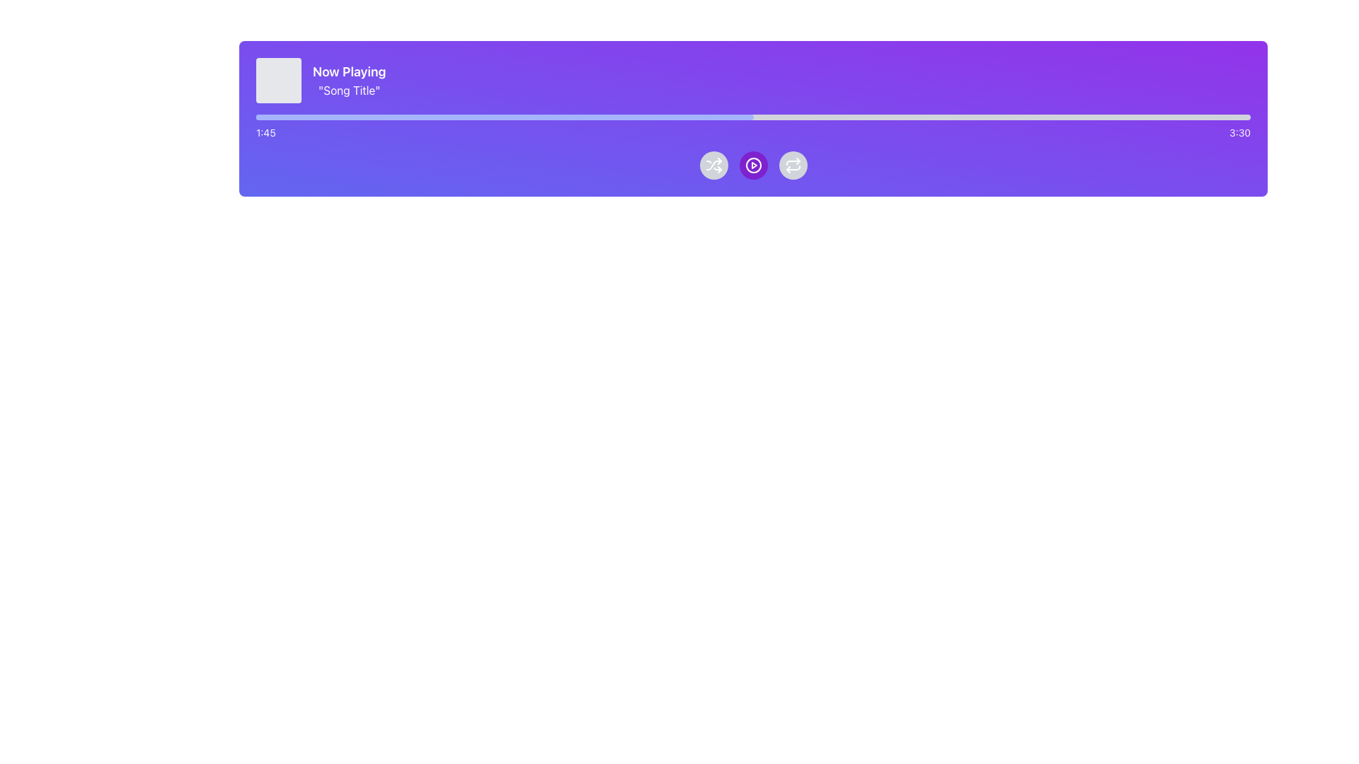 This screenshot has height=764, width=1359. What do you see at coordinates (349, 71) in the screenshot?
I see `properties of the Text Label indicating the currently playing status of a song, positioned above the 'Song Title'` at bounding box center [349, 71].